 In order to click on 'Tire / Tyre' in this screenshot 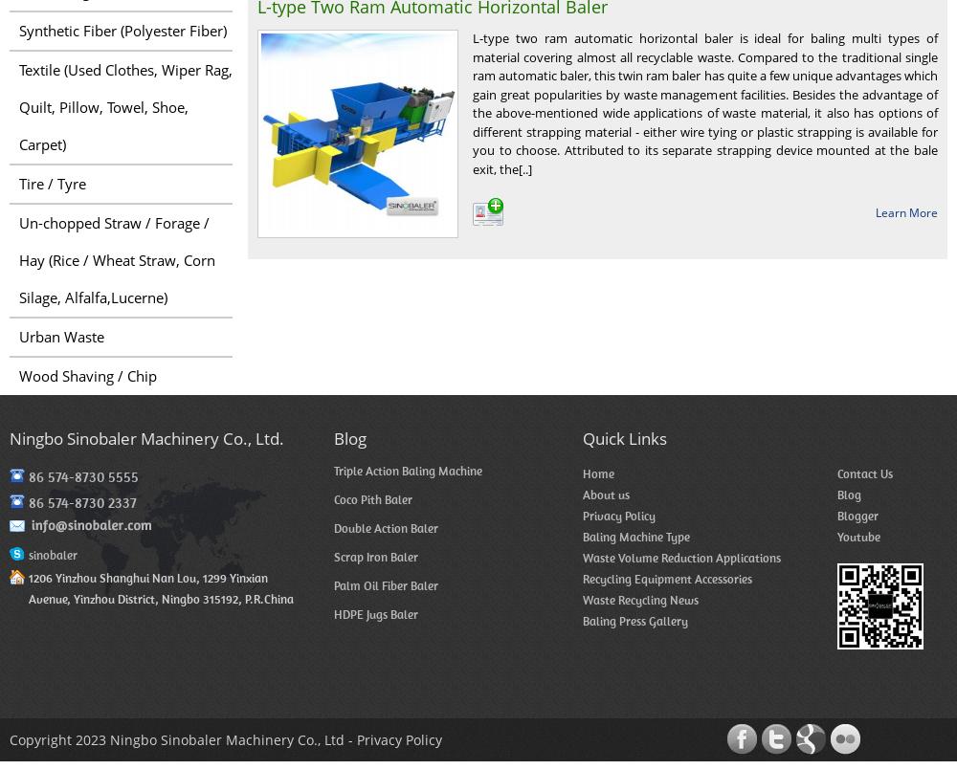, I will do `click(53, 182)`.